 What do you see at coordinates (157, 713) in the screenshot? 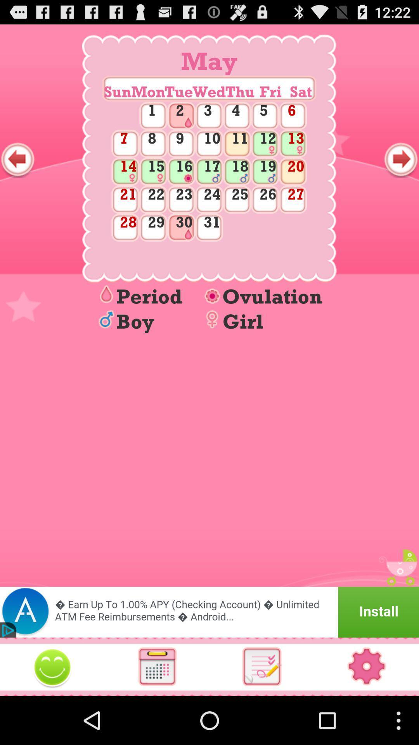
I see `the date_range icon` at bounding box center [157, 713].